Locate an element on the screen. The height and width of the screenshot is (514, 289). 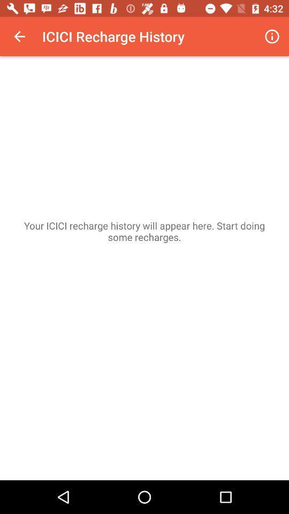
the icon next to icici recharge history item is located at coordinates (19, 36).